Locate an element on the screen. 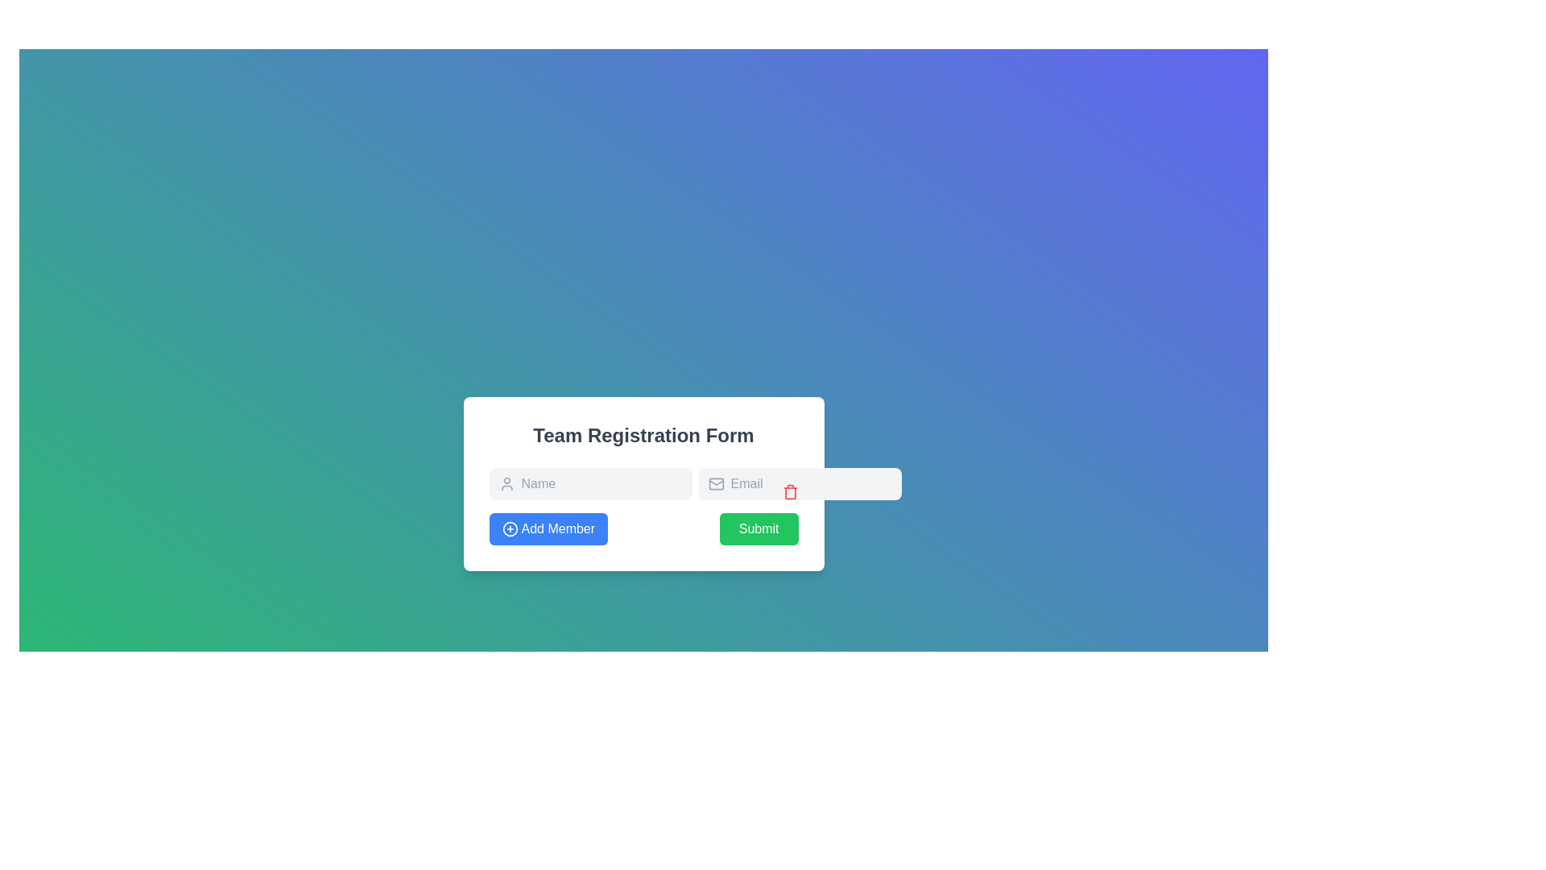 The width and height of the screenshot is (1546, 870). the small square button with a red trash can icon outlined in bright red, located to the right of the 'Email' text input field is located at coordinates (790, 491).